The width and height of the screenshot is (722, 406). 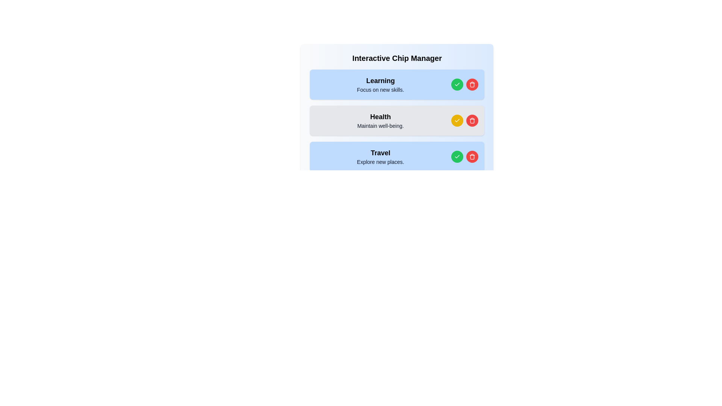 I want to click on delete button for the chip labeled Health, so click(x=472, y=120).